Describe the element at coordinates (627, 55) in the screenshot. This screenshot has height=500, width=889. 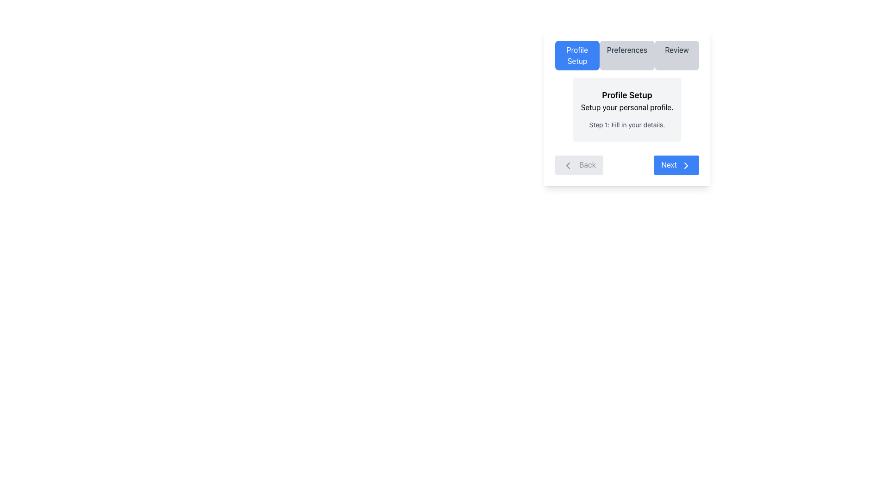
I see `the 'Preferences' tab in the Tab navigation component, which is the second tab styled with a gray background and dark text` at that location.